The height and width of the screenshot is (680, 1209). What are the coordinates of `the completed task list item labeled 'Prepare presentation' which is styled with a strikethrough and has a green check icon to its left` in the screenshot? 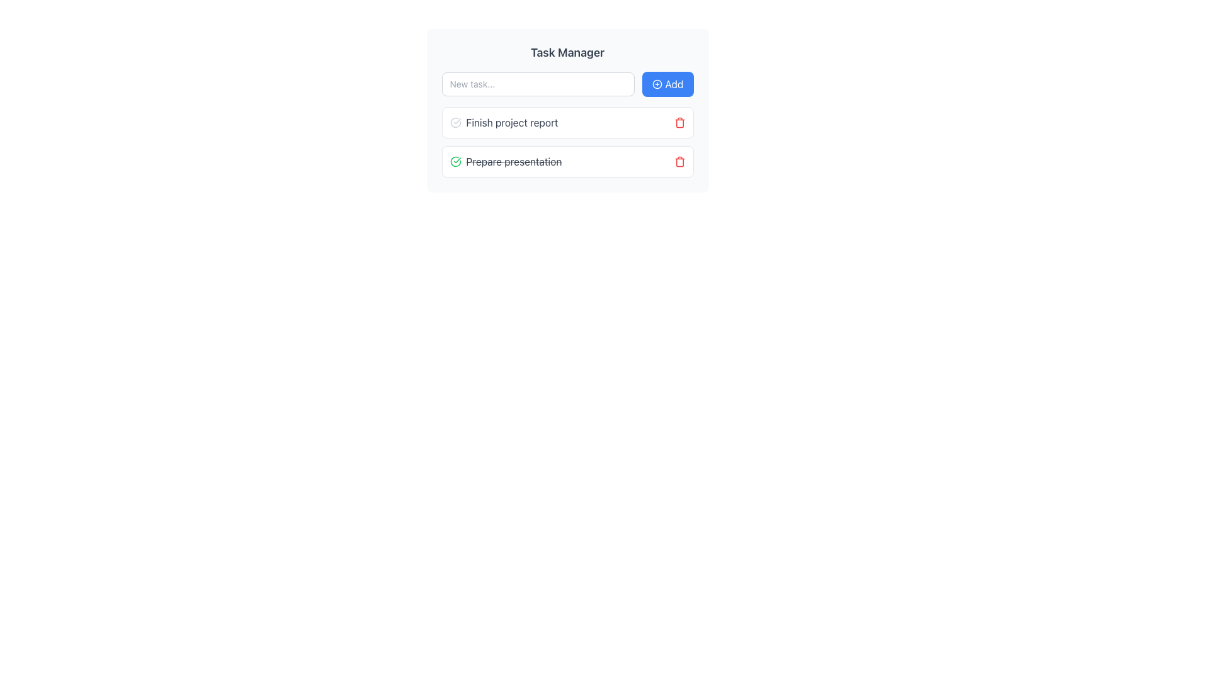 It's located at (506, 161).